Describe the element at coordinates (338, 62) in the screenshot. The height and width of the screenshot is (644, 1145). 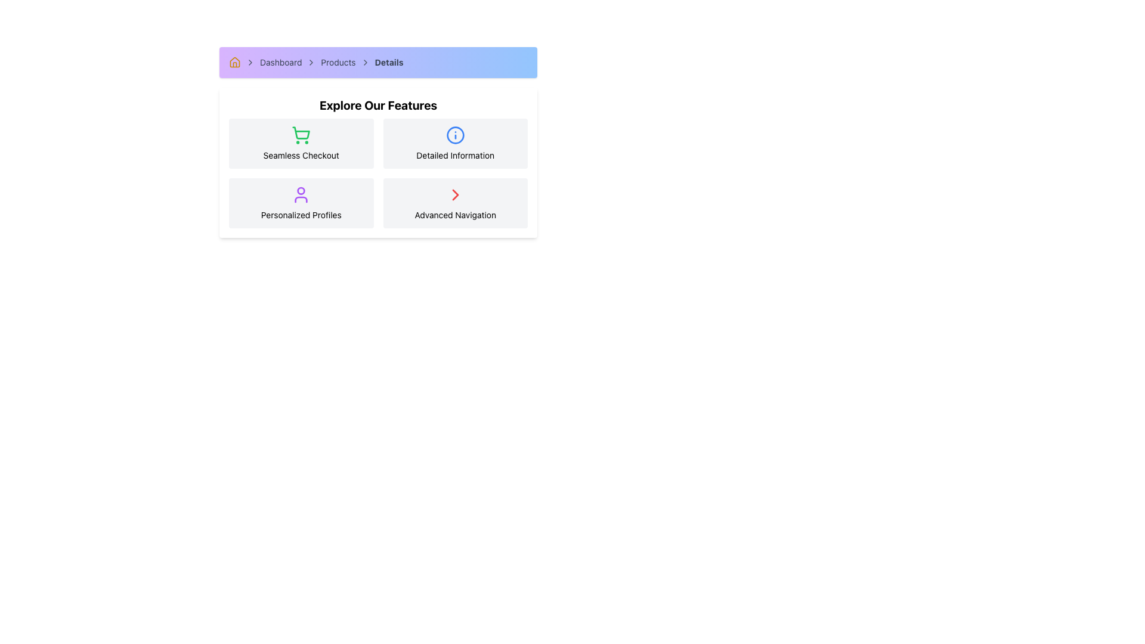
I see `the third item in the breadcrumb navigation bar labeled 'Products', which serves as a navigational link` at that location.